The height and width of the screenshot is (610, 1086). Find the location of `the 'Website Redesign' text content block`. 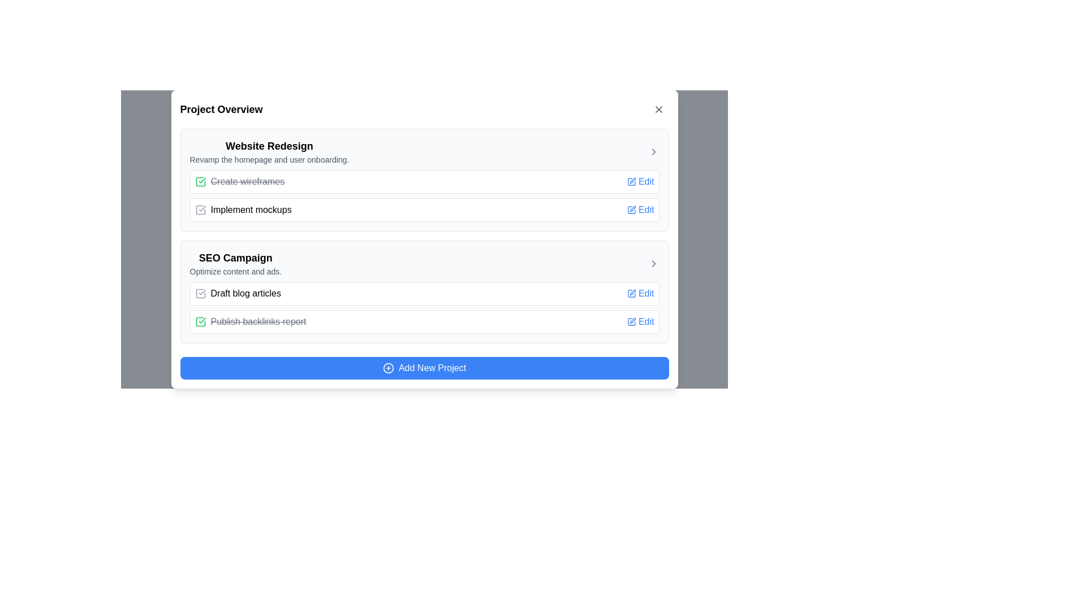

the 'Website Redesign' text content block is located at coordinates (269, 151).